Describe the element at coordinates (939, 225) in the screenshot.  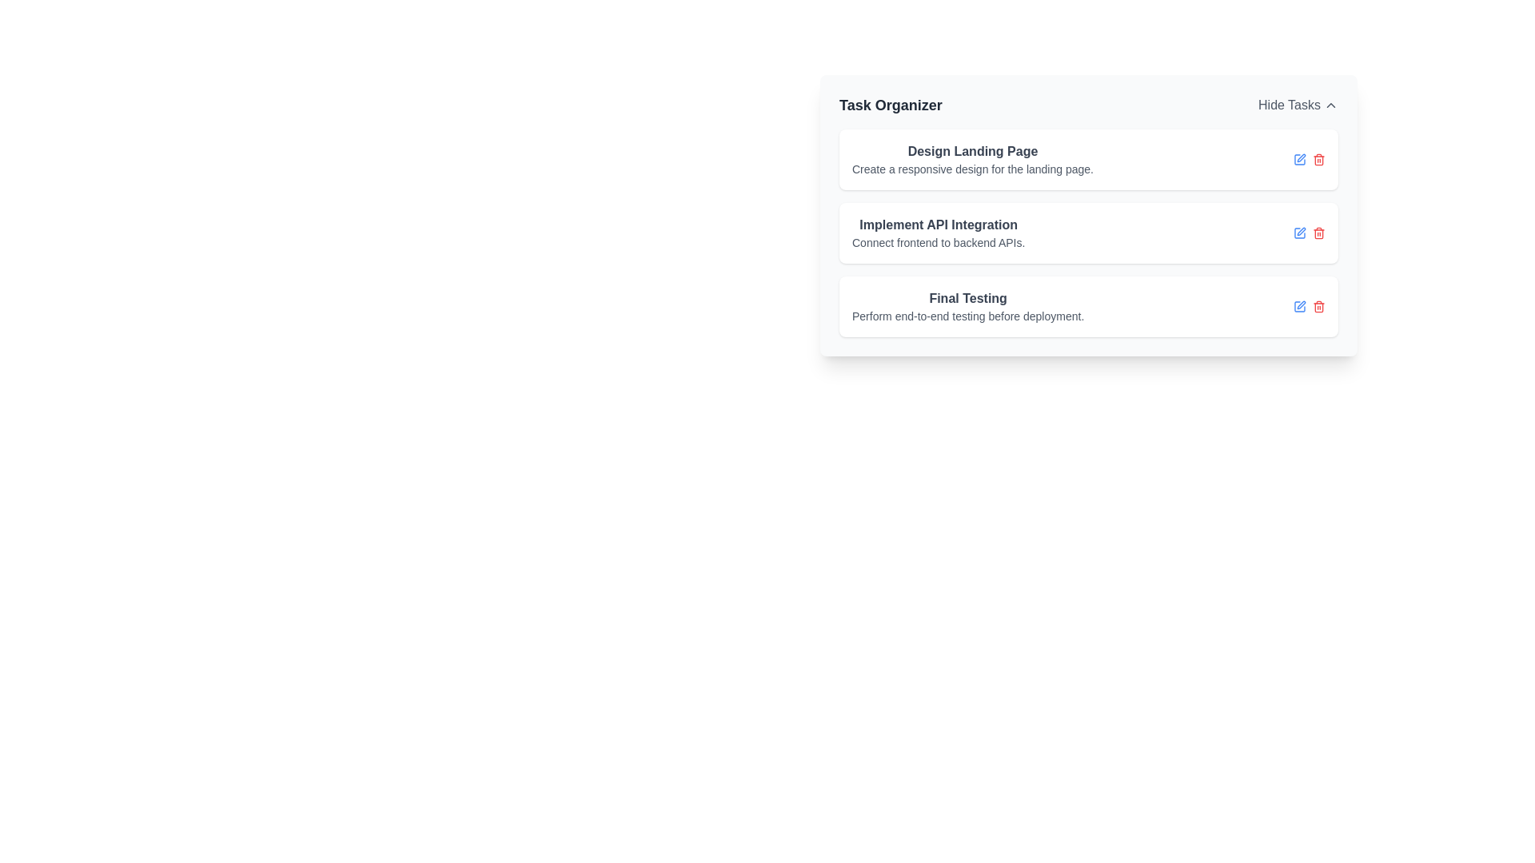
I see `the text 'Implement API Integration' in bold within the 'Task Organizer' panel to enable copying or other actions` at that location.